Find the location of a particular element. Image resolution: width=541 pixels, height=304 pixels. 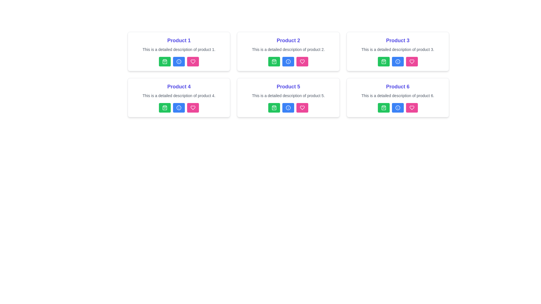

the green button with a shopping bag icon located below 'Product 5' is located at coordinates (274, 108).